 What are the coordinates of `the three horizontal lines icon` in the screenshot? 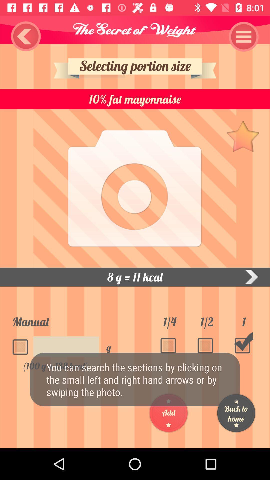 It's located at (243, 36).